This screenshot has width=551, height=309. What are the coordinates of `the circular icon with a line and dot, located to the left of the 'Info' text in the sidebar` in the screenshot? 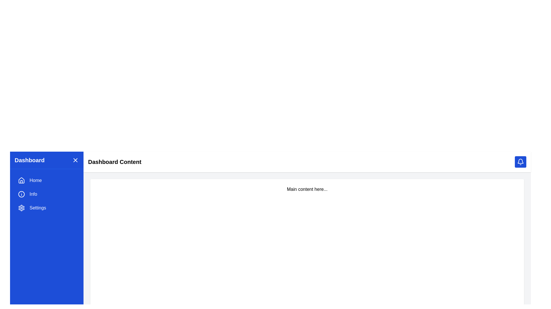 It's located at (22, 194).